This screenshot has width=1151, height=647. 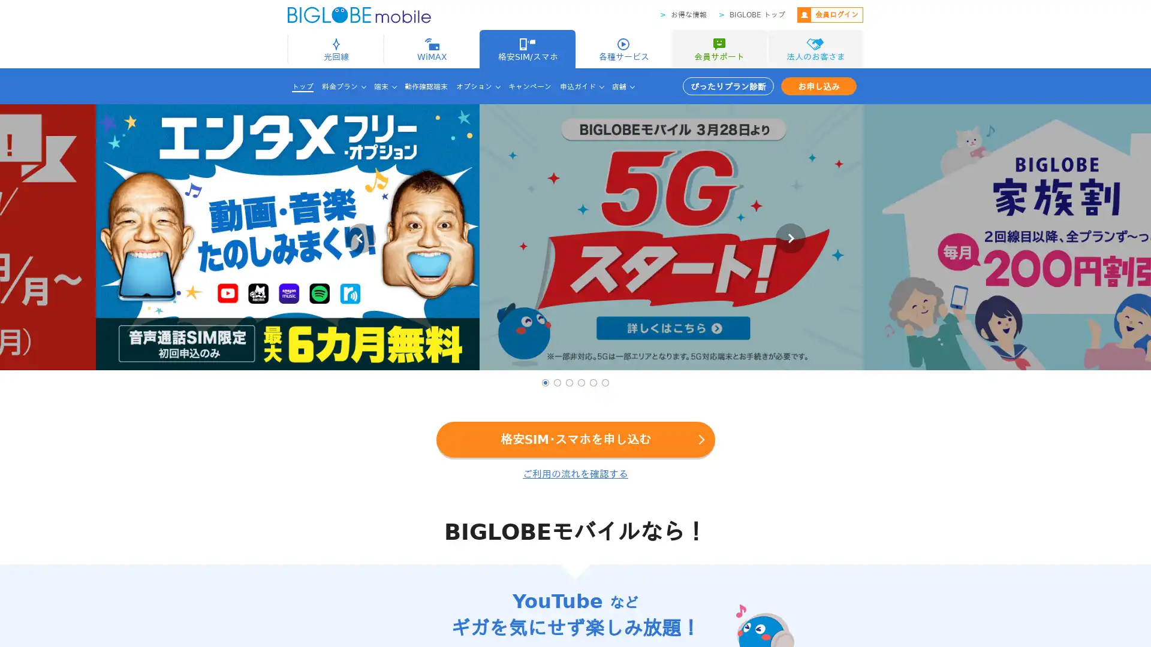 What do you see at coordinates (790, 238) in the screenshot?
I see `Next` at bounding box center [790, 238].